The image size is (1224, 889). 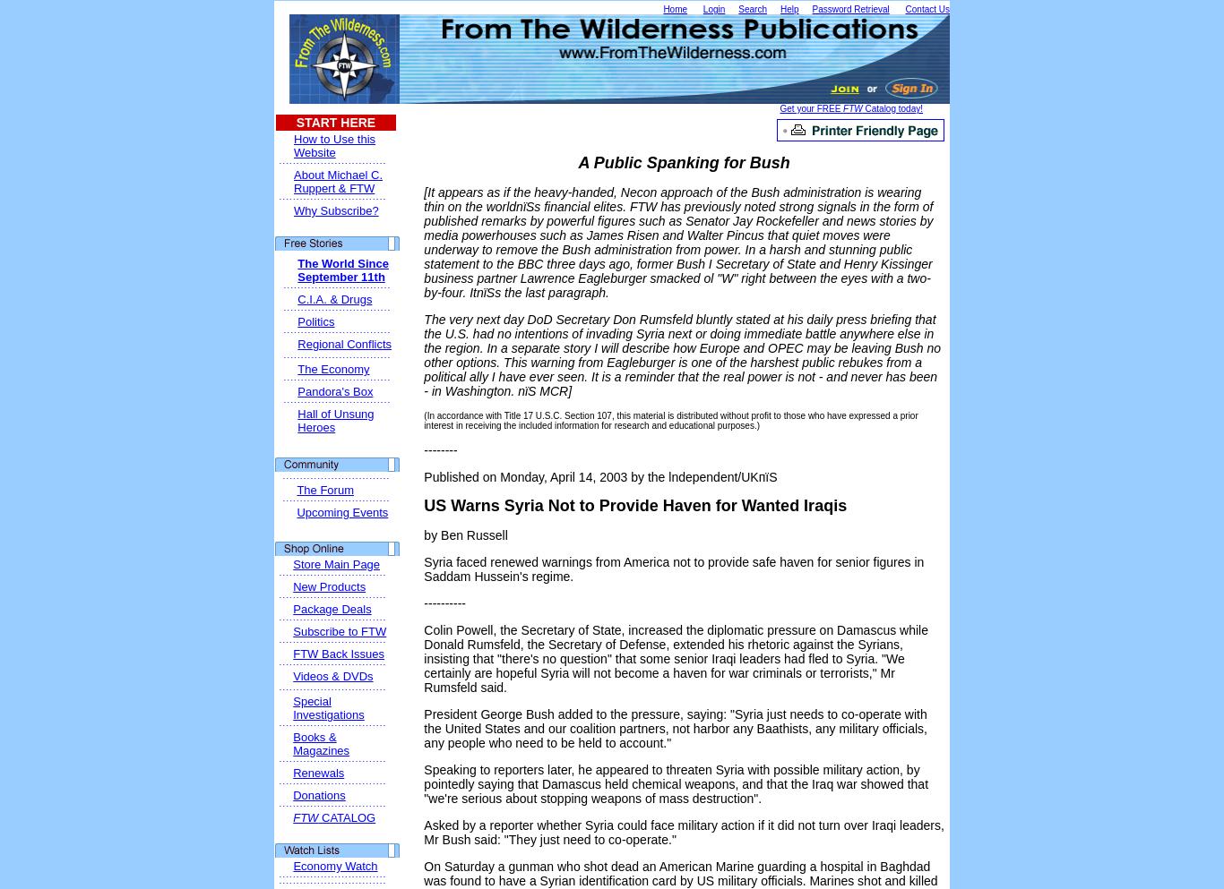 I want to click on 'Public
                              Spanking for Bush', so click(x=689, y=162).